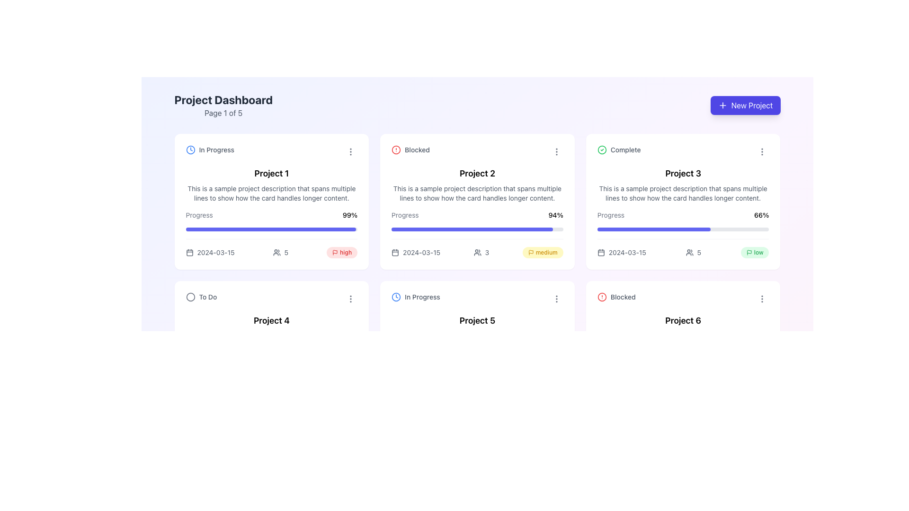 The height and width of the screenshot is (511, 909). Describe the element at coordinates (201, 297) in the screenshot. I see `the text label indicating the current task or category associated with 'Project 4', which is positioned under the 'Project 4' title and aligned with a decorative circle icon` at that location.